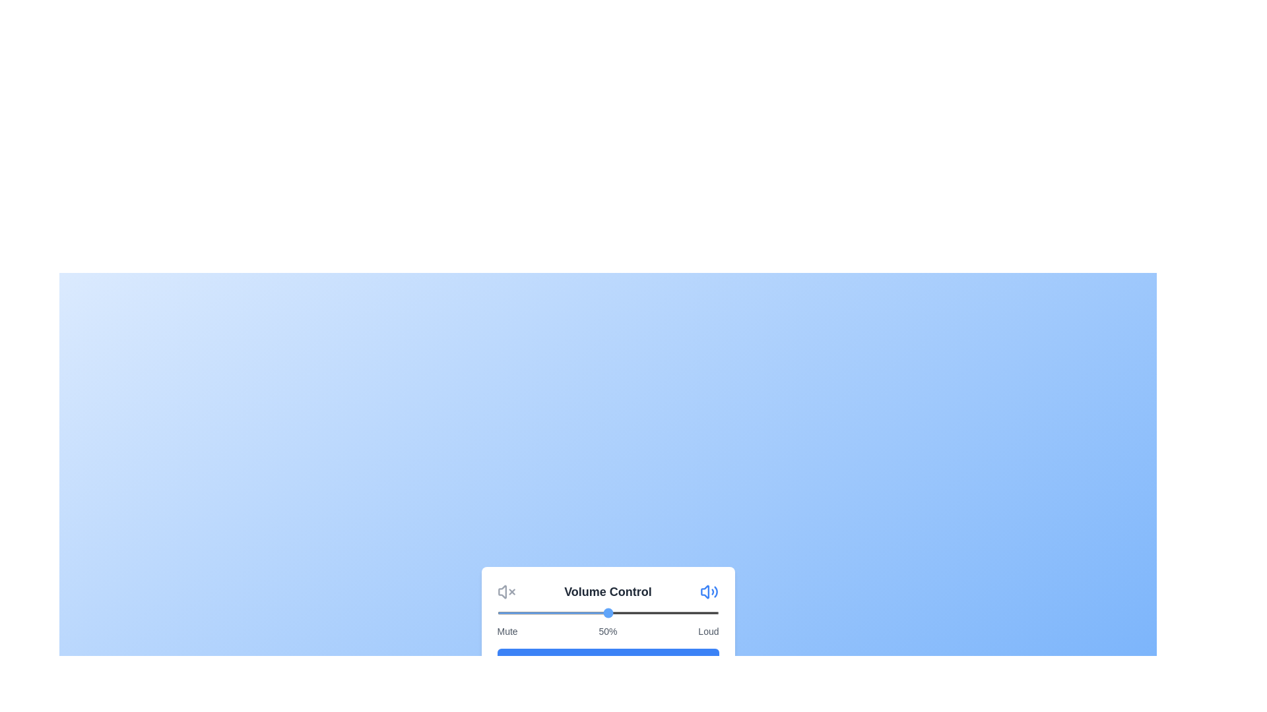 This screenshot has width=1267, height=712. I want to click on 'Confirm Volume' button to confirm the selected volume level, so click(607, 661).